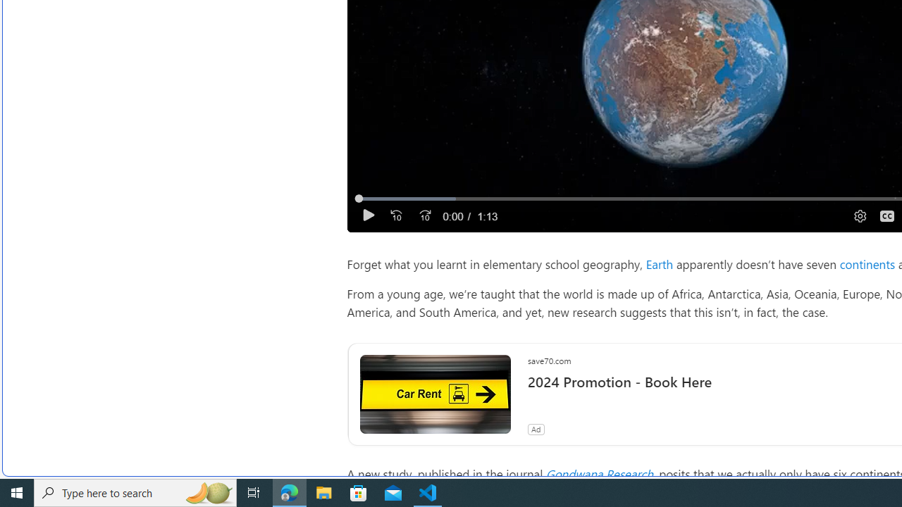  What do you see at coordinates (866, 263) in the screenshot?
I see `'continents'` at bounding box center [866, 263].